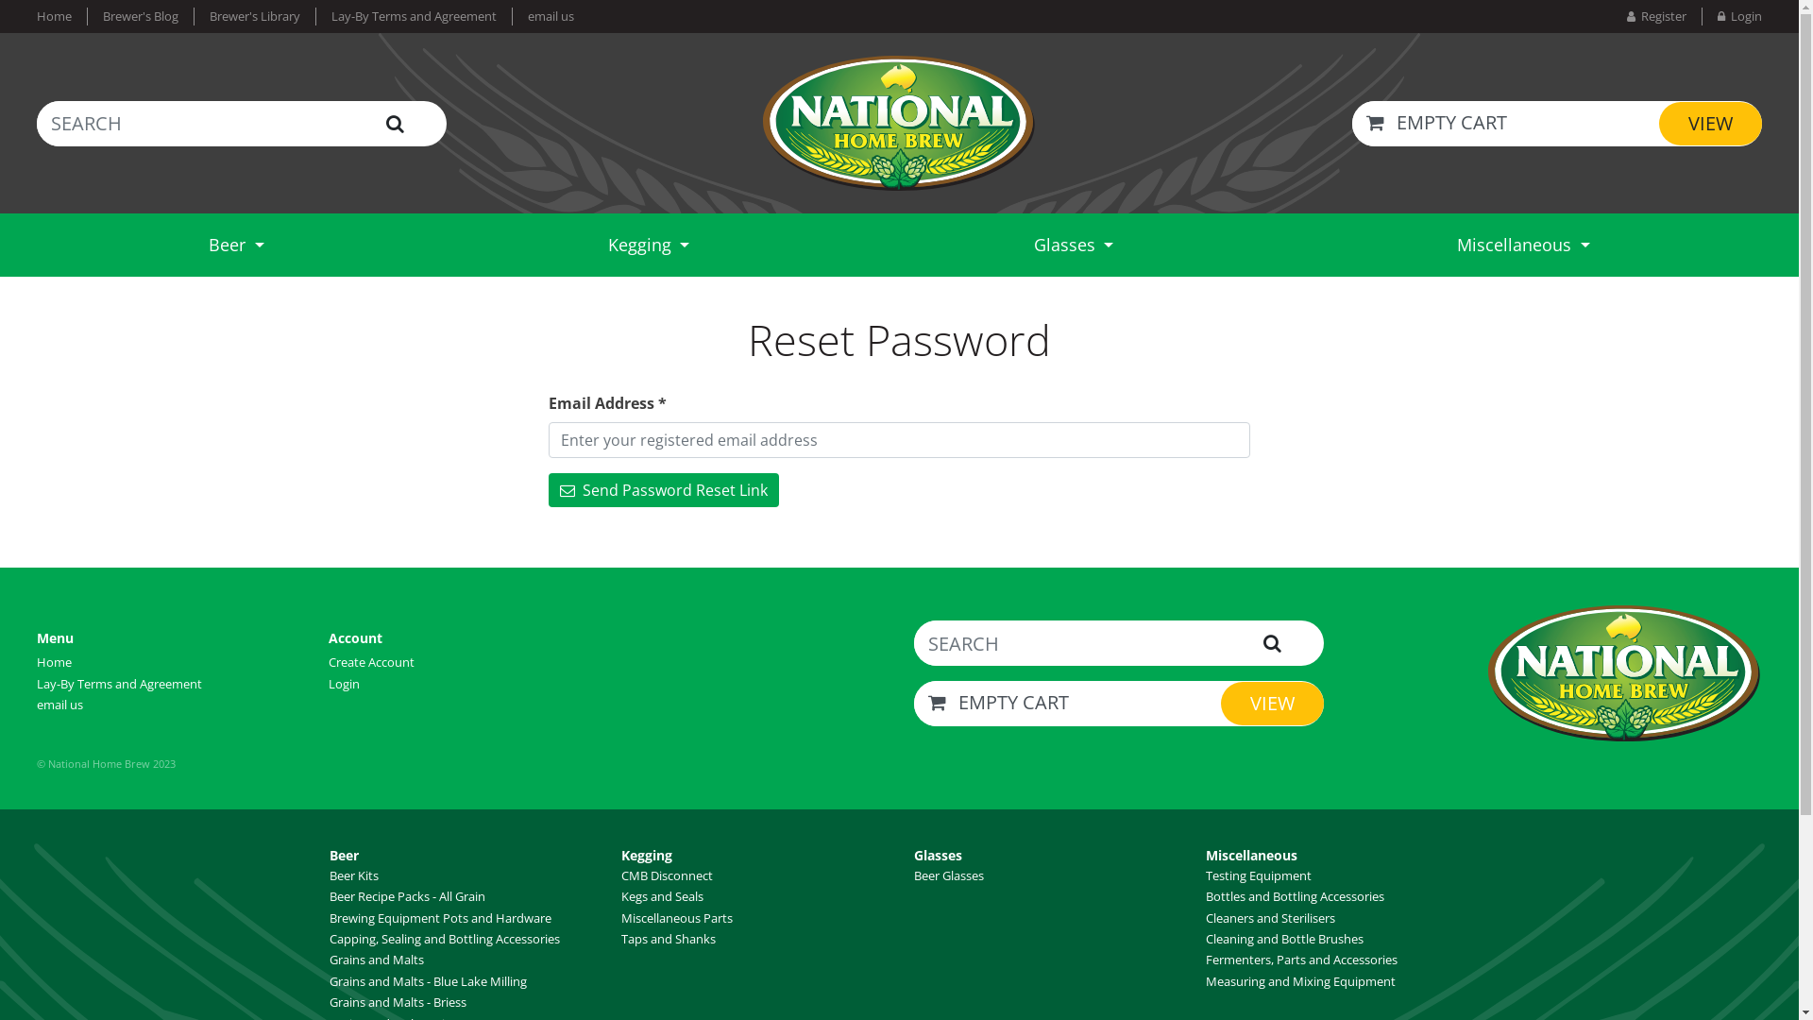  I want to click on '  Send Password Reset Link', so click(663, 489).